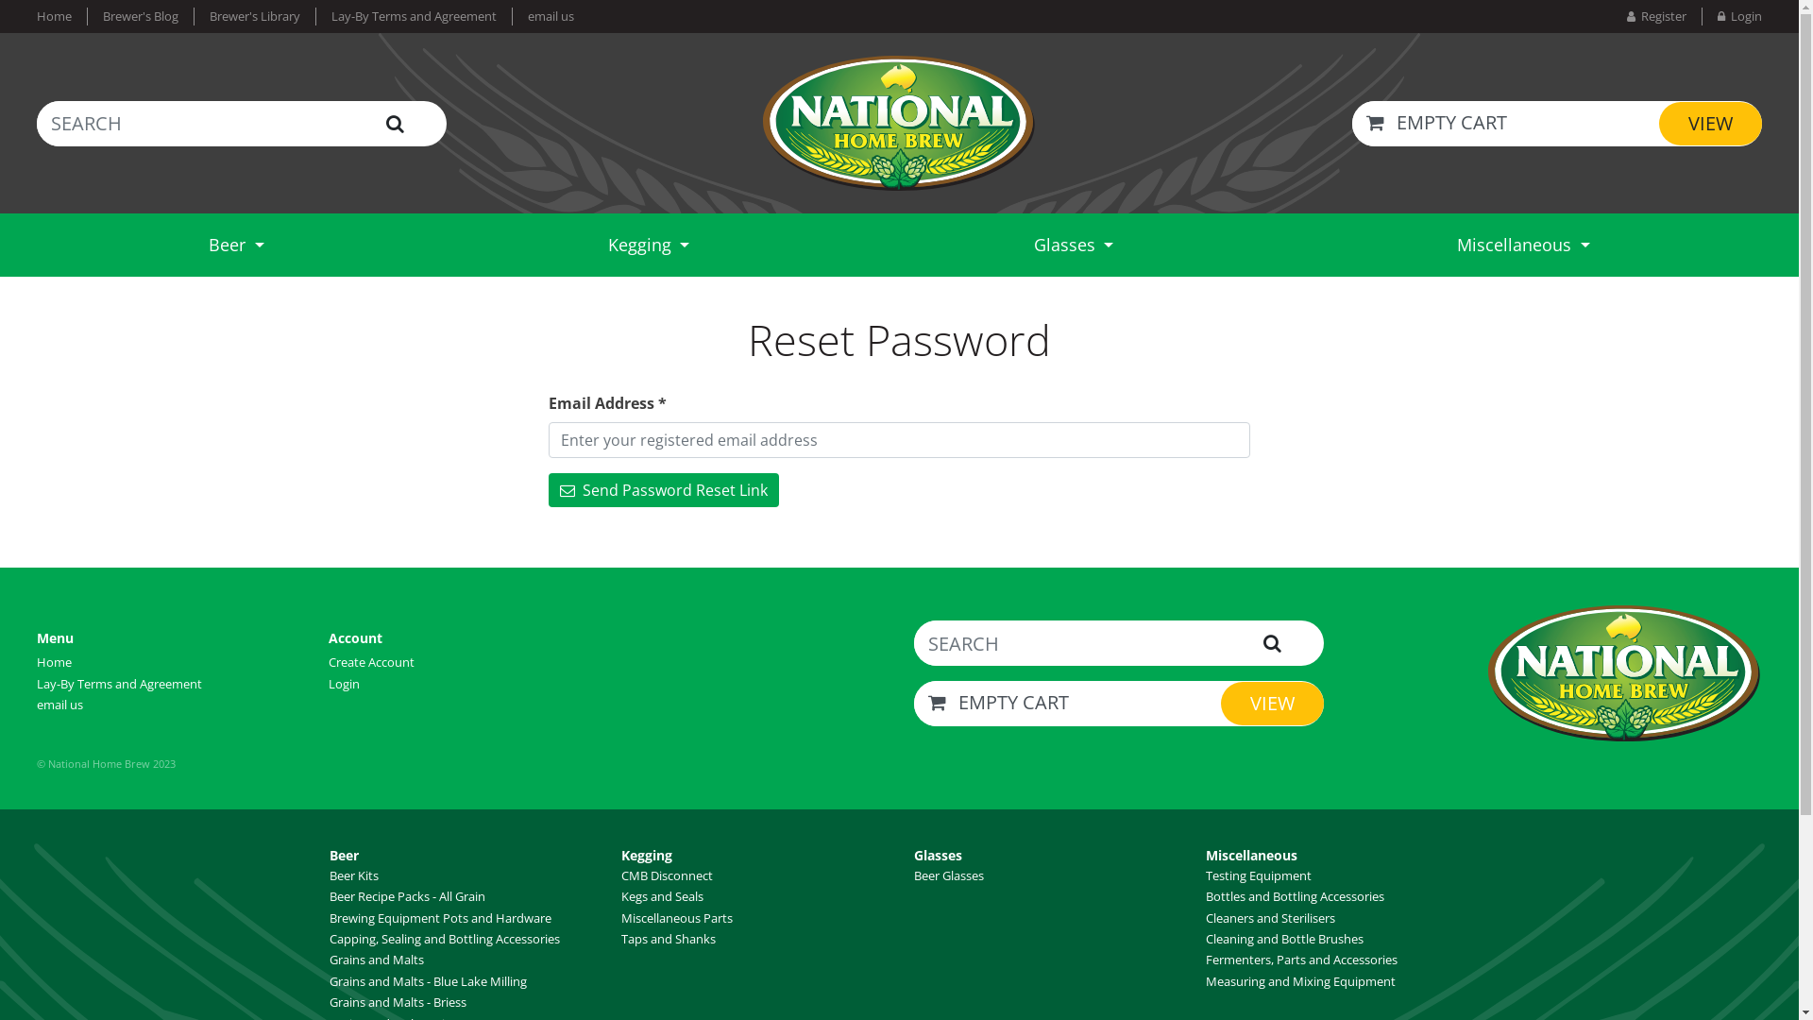  I want to click on '  Send Password Reset Link', so click(663, 489).